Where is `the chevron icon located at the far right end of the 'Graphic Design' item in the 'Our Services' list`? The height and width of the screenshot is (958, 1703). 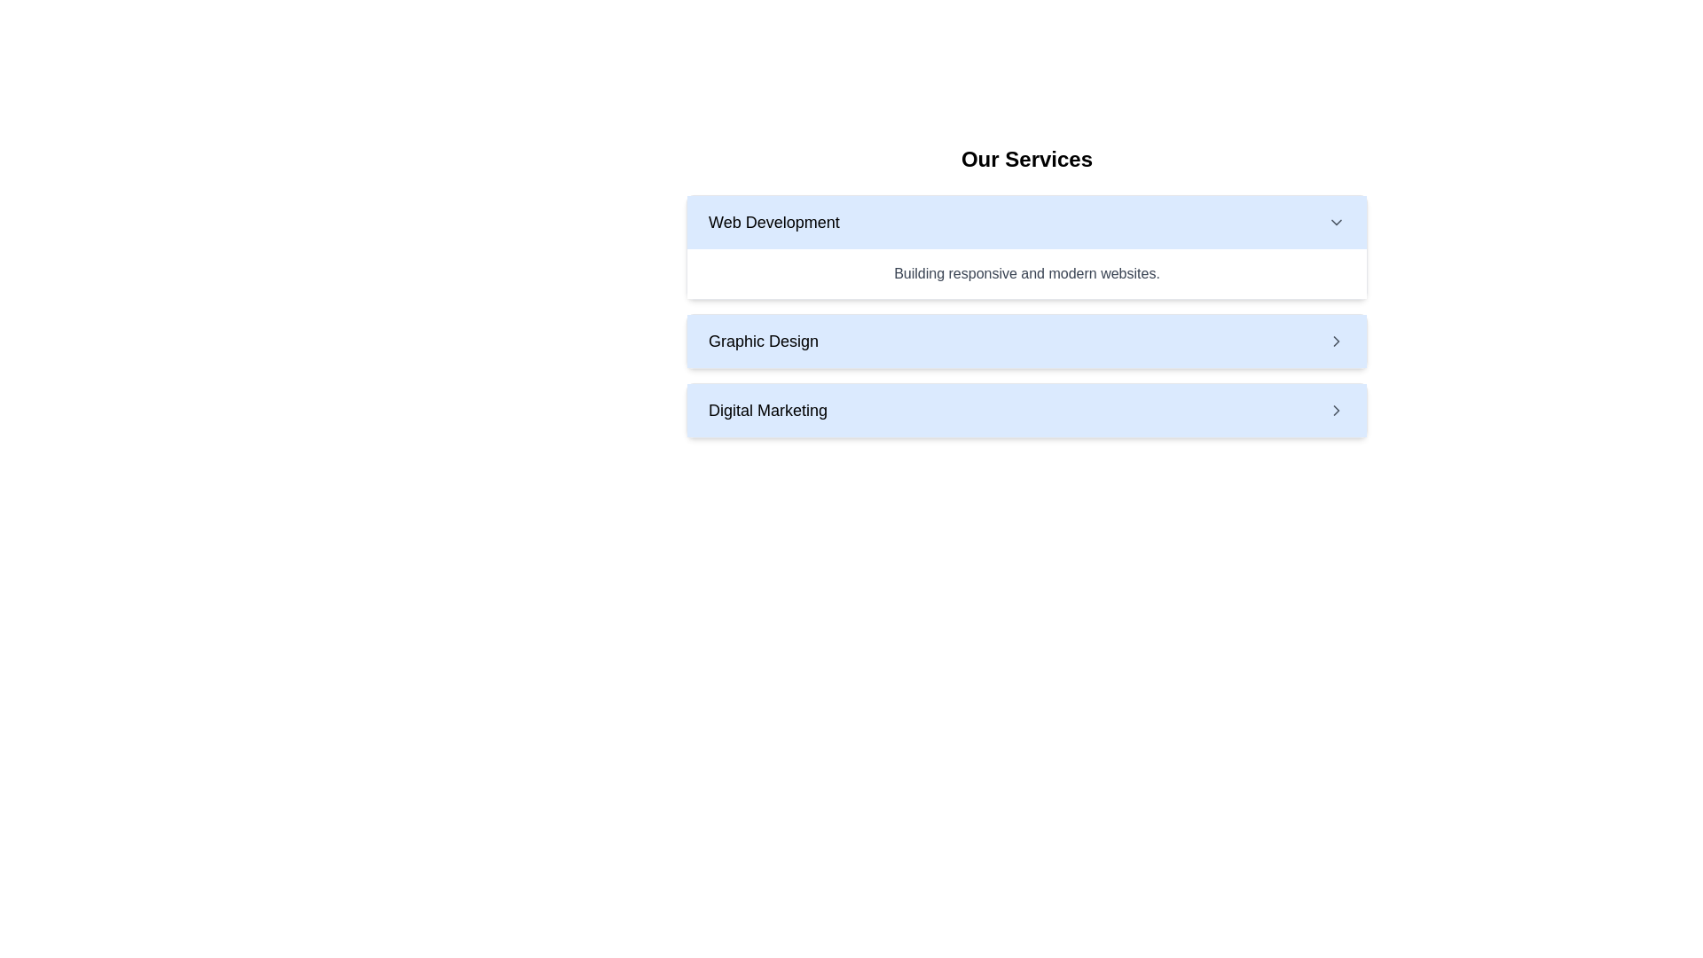
the chevron icon located at the far right end of the 'Graphic Design' item in the 'Our Services' list is located at coordinates (1337, 342).